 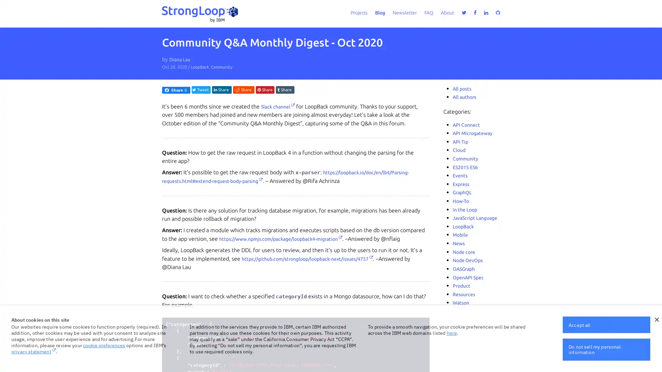 What do you see at coordinates (606, 349) in the screenshot?
I see `Do not sell my personal information` at bounding box center [606, 349].